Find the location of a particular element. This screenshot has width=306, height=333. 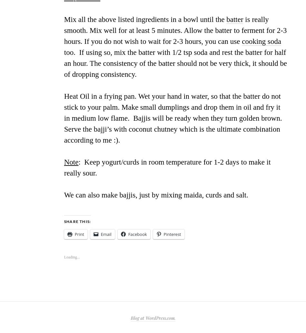

'Loading...' is located at coordinates (72, 257).